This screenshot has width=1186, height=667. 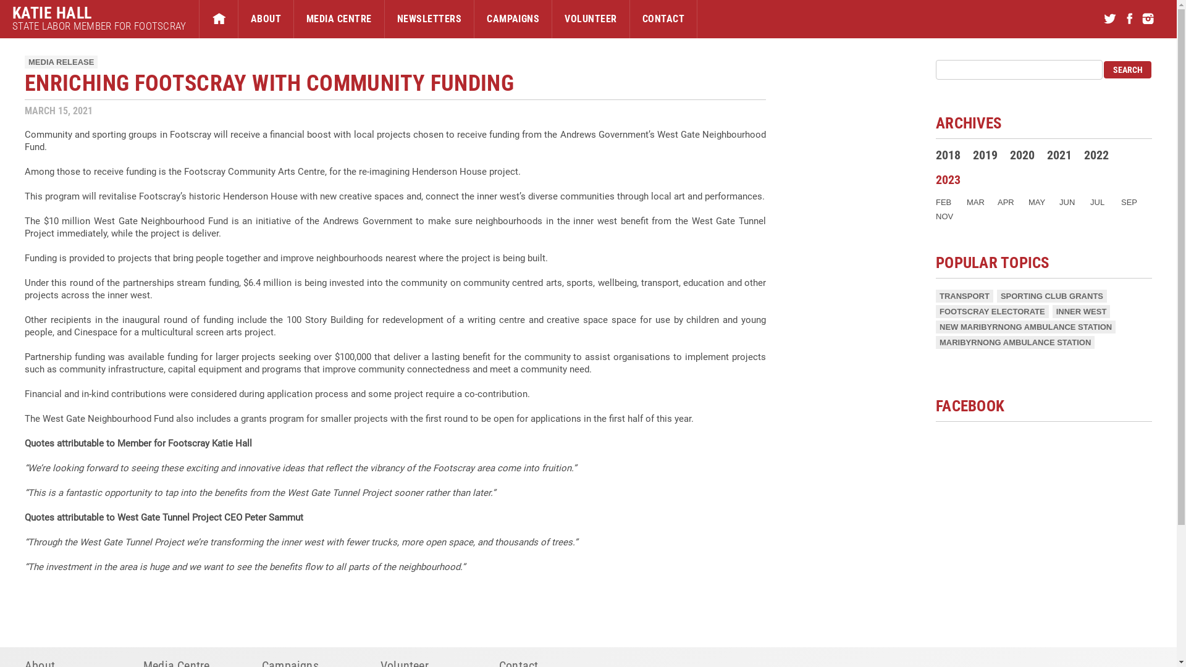 I want to click on 'MEDIA CENTRE', so click(x=293, y=19).